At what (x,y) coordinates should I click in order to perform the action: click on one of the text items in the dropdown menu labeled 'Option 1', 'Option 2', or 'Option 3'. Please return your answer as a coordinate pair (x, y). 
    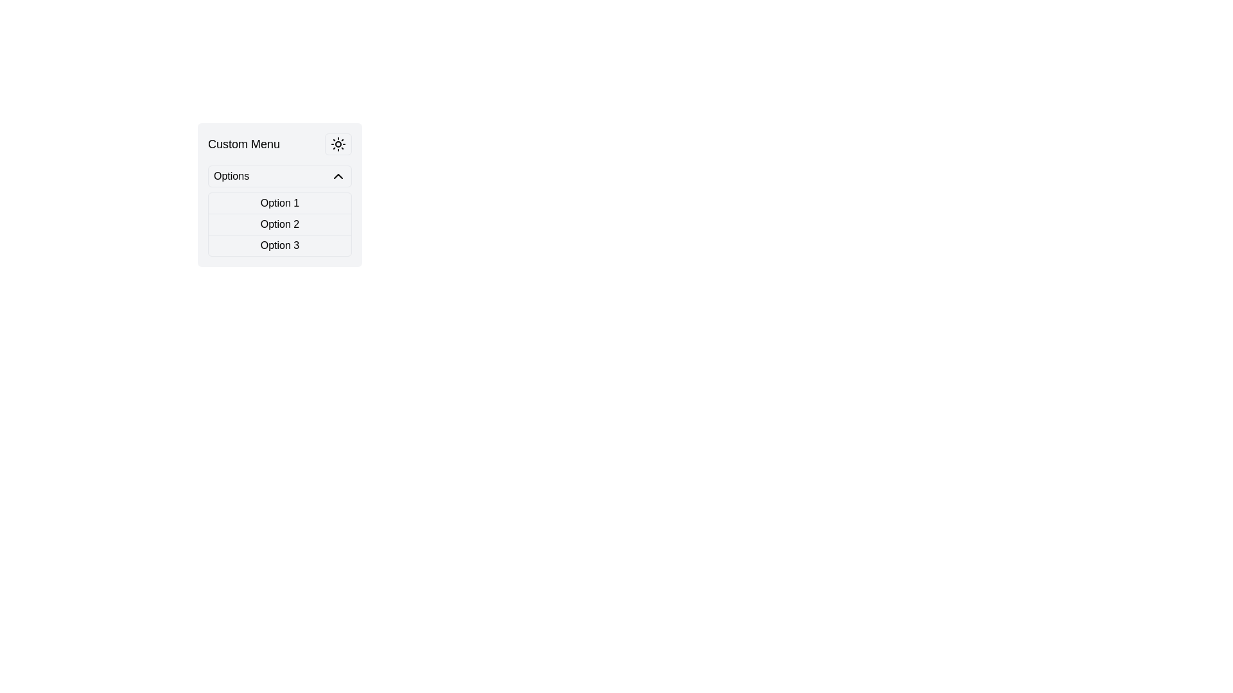
    Looking at the image, I should click on (279, 210).